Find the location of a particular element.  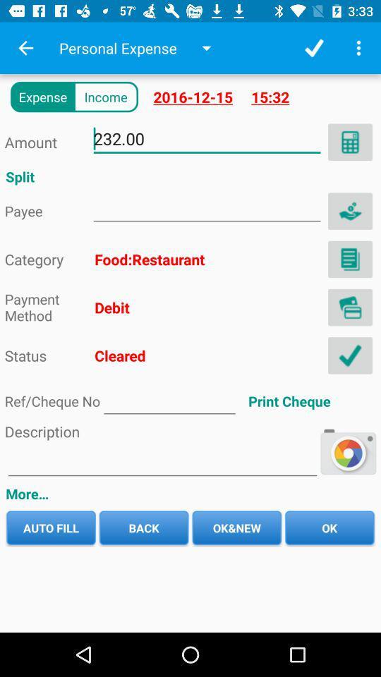

menu is located at coordinates (349, 307).